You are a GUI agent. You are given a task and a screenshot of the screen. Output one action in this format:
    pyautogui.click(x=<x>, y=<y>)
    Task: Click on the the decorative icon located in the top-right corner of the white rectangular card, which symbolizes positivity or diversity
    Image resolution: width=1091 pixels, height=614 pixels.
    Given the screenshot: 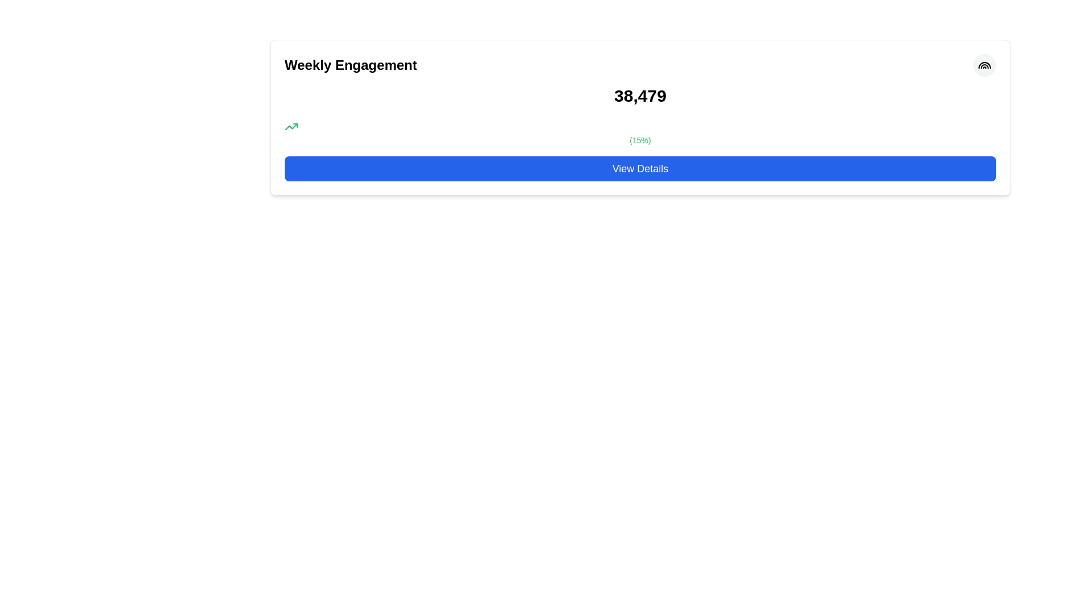 What is the action you would take?
    pyautogui.click(x=984, y=65)
    